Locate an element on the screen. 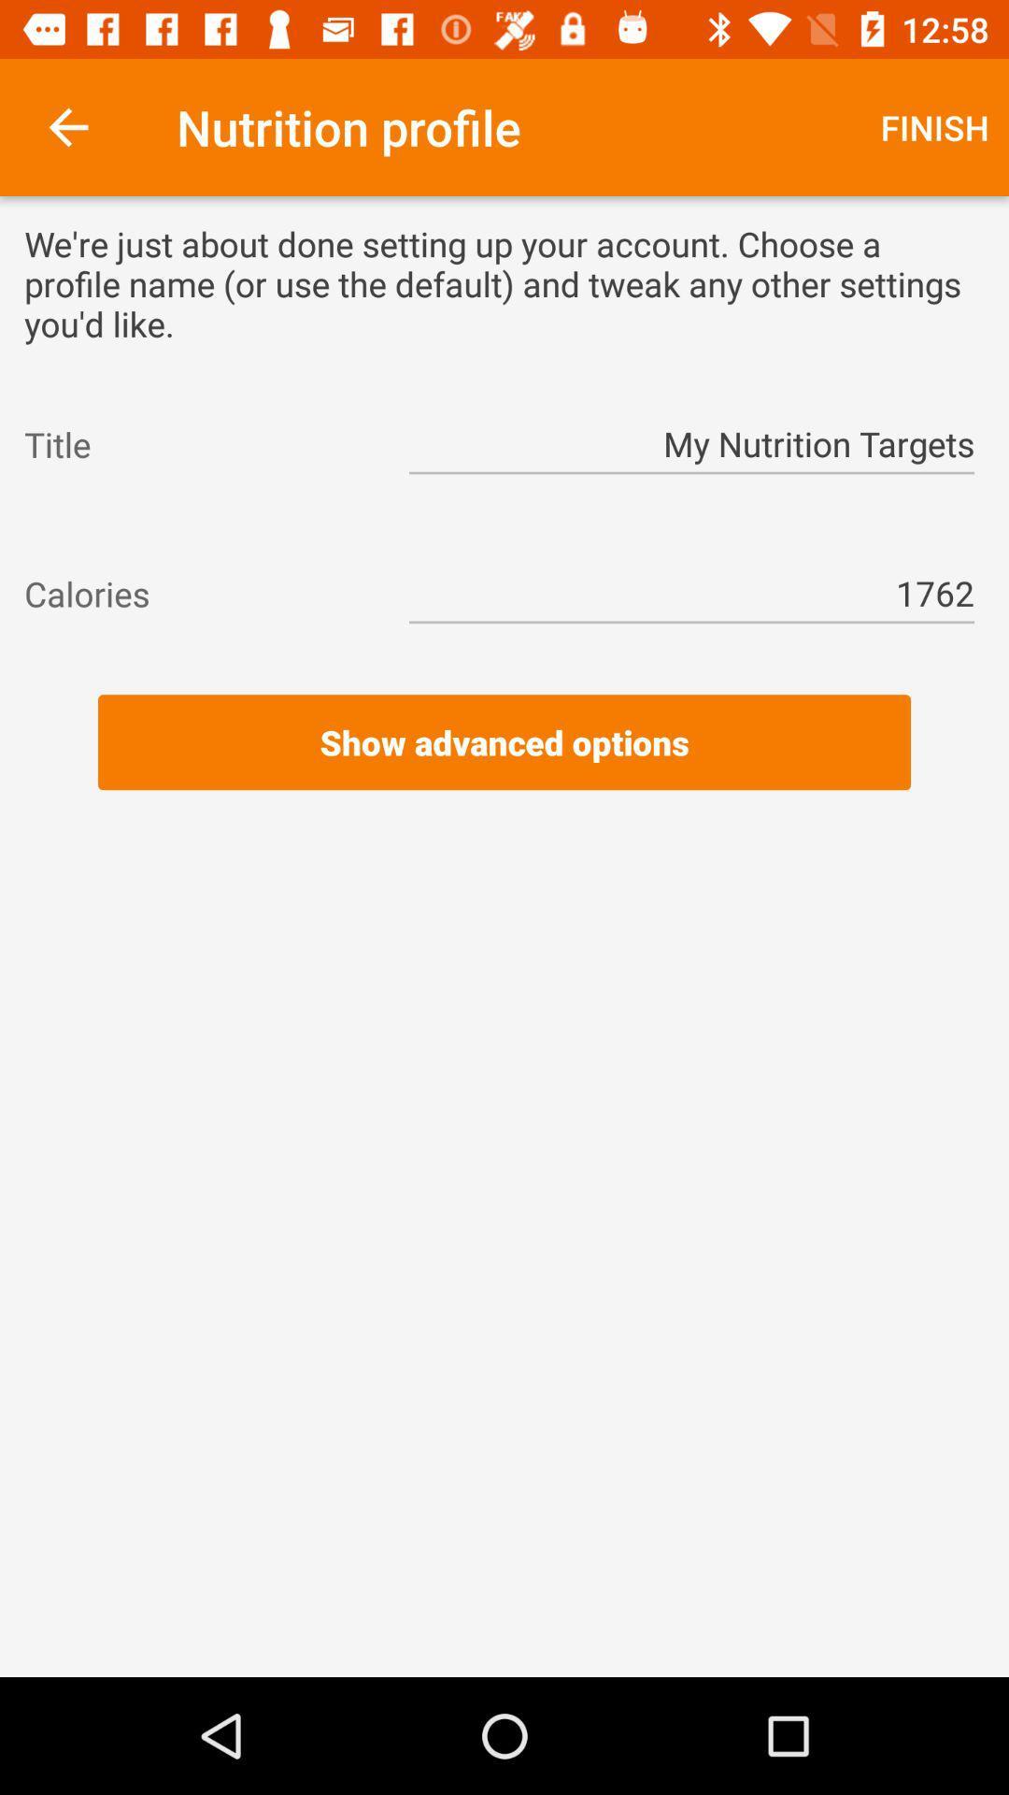  the icon next to nutrition profile item is located at coordinates (934, 126).